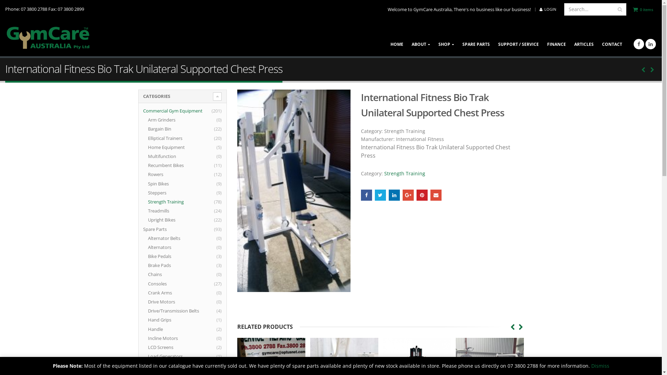 The height and width of the screenshot is (375, 667). I want to click on 'Treadmills', so click(163, 210).